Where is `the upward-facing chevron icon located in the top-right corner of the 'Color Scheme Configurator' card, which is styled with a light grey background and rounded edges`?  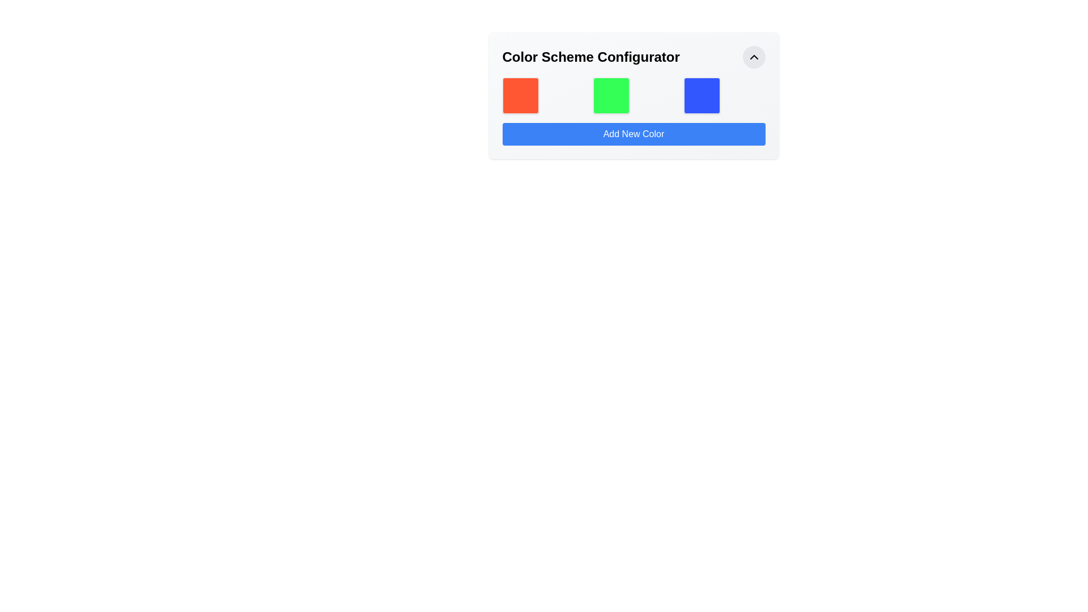
the upward-facing chevron icon located in the top-right corner of the 'Color Scheme Configurator' card, which is styled with a light grey background and rounded edges is located at coordinates (754, 57).